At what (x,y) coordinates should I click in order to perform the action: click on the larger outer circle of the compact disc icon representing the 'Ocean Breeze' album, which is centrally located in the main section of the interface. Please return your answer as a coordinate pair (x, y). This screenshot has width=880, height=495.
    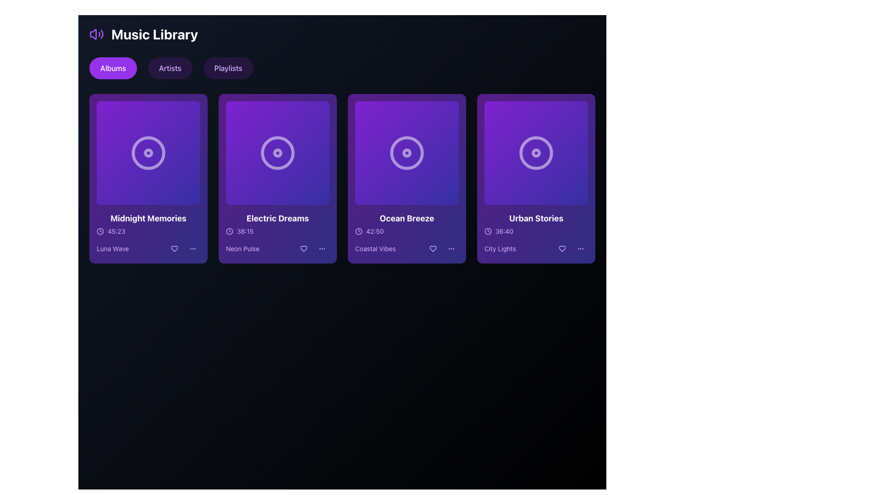
    Looking at the image, I should click on (407, 153).